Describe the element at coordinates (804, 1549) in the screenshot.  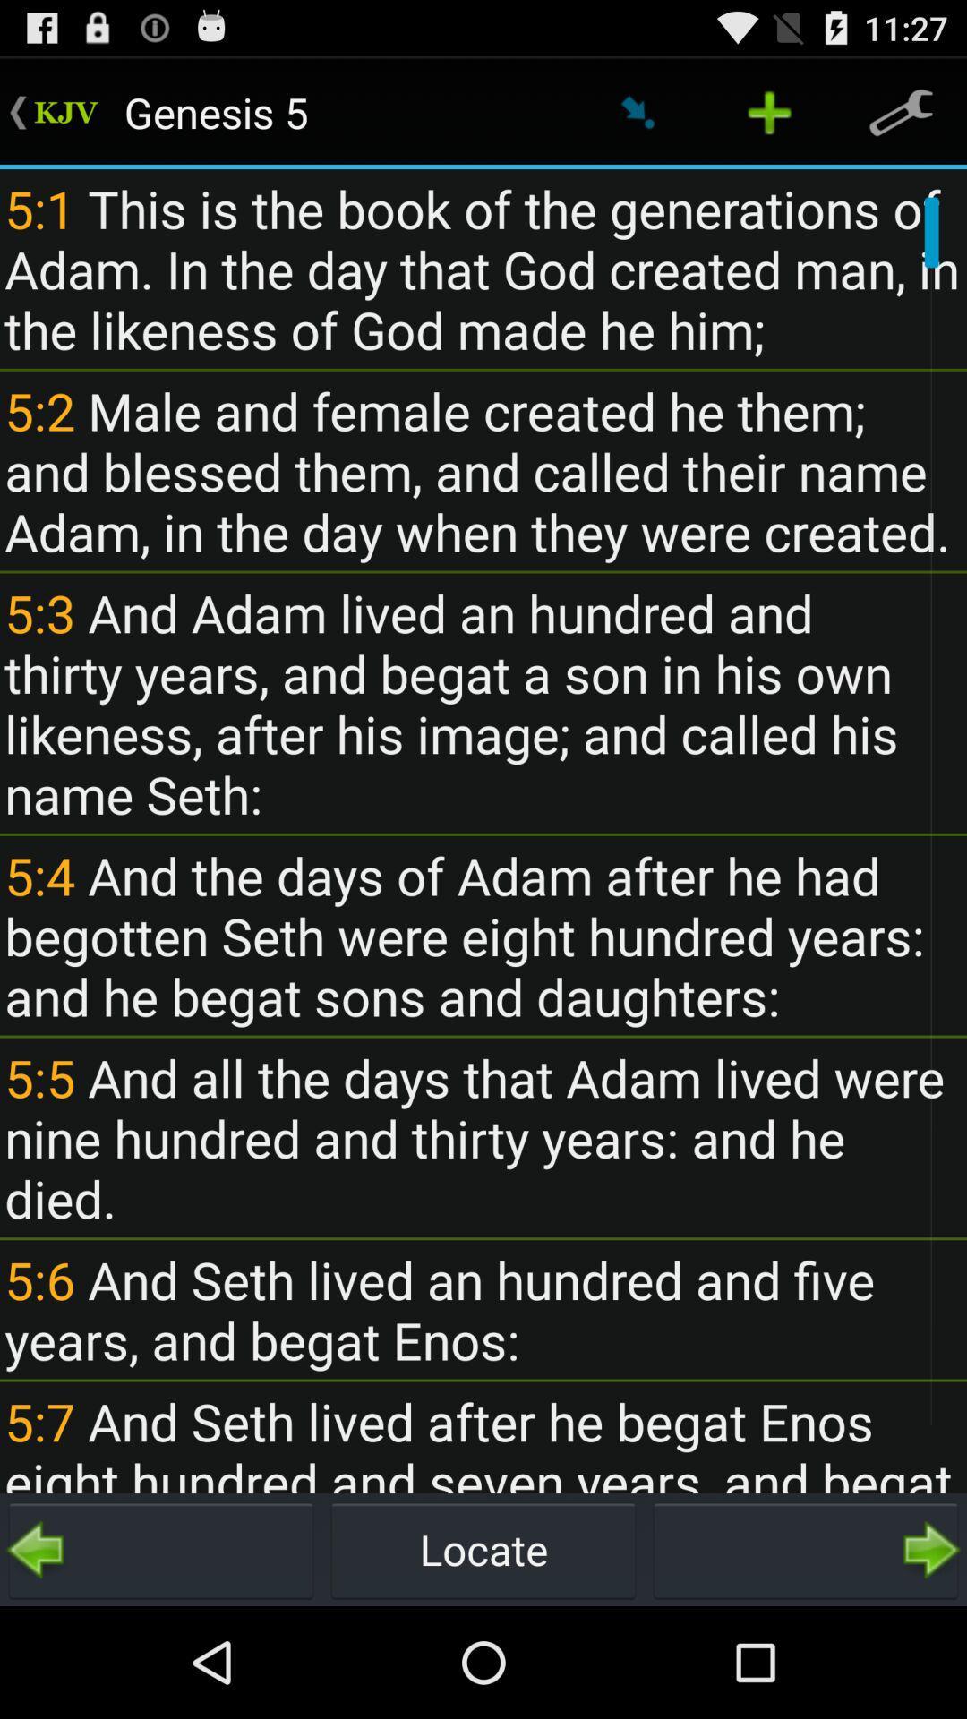
I see `app below the 5 7 and item` at that location.